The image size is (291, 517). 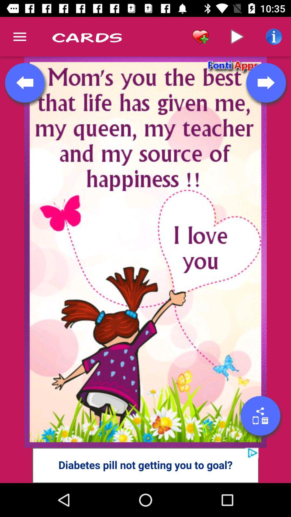 I want to click on share, so click(x=260, y=415).